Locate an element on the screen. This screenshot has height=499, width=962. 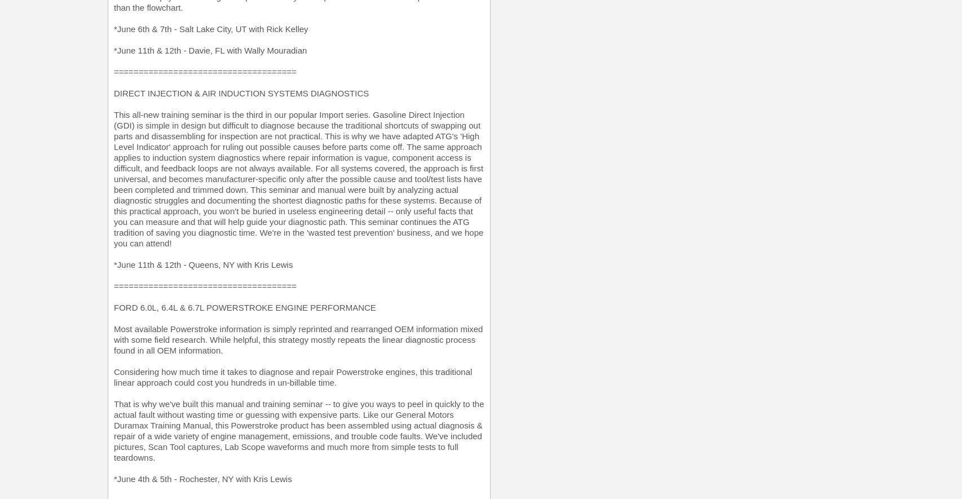
'Most available Powerstroke information is simply reprinted
and rearranged OEM information mixed with some field
research. While helpful, this strategy mostly repeats the
linear diagnostic process found in all OEM information.' is located at coordinates (298, 339).